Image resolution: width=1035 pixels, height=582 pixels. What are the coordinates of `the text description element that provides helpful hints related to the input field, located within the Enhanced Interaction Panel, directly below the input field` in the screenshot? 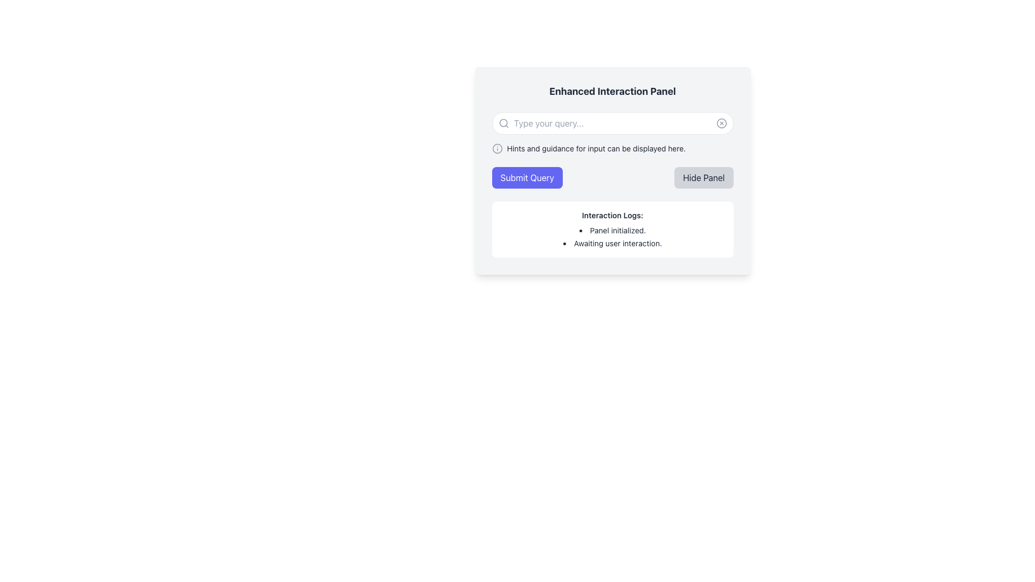 It's located at (612, 149).